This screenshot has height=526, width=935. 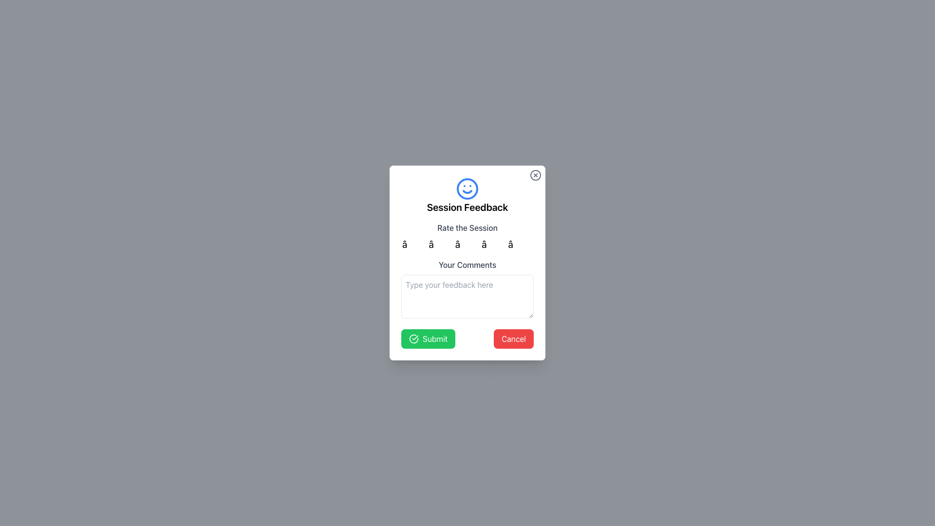 What do you see at coordinates (535, 174) in the screenshot?
I see `the circular close button with a grey outline and inner cross icon located in the top-right corner of the modal` at bounding box center [535, 174].